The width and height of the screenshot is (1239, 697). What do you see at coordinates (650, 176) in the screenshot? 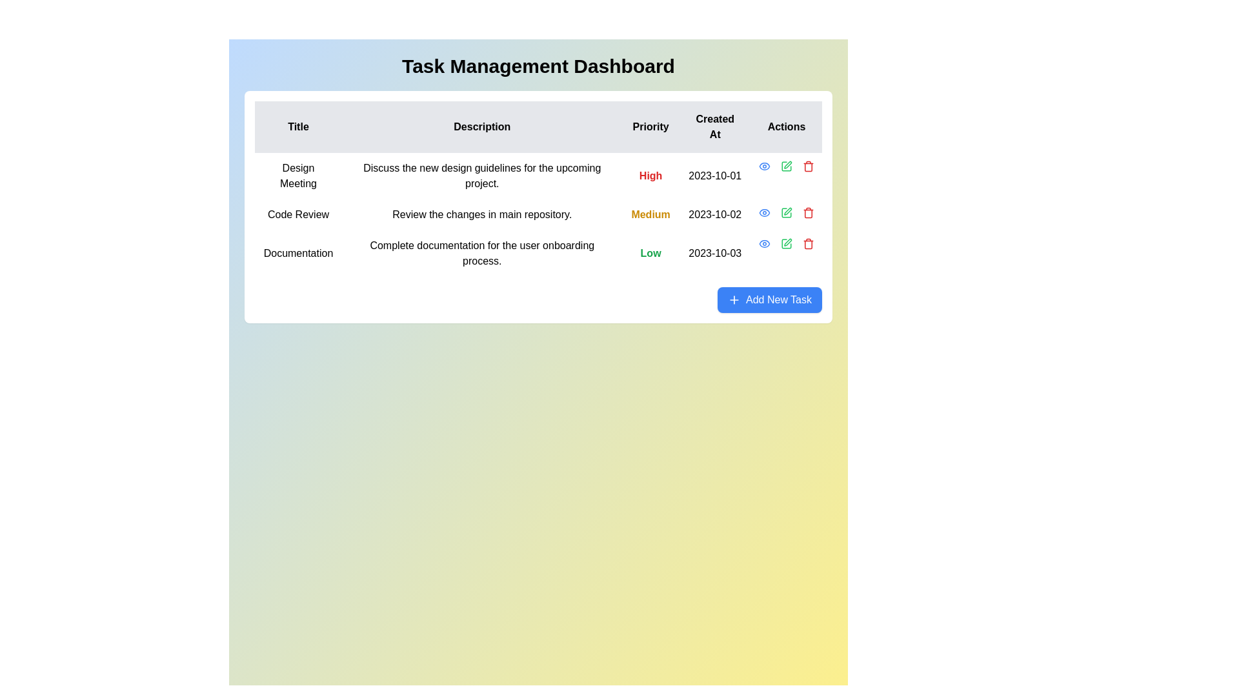
I see `the 'Priority' status text label in the first row of the task management table, which indicates the importance or urgency of the task` at bounding box center [650, 176].